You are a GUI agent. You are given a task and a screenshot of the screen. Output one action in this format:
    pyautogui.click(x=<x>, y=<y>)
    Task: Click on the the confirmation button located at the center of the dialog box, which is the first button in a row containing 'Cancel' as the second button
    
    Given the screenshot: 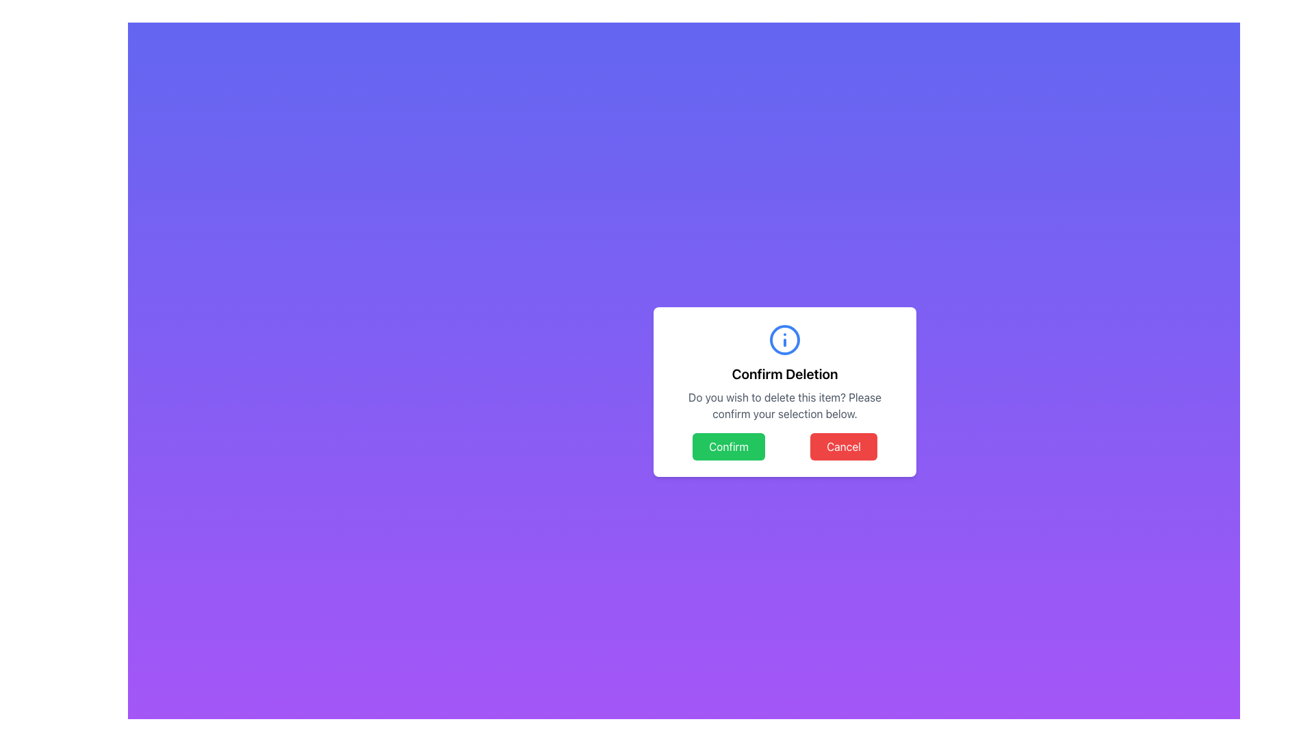 What is the action you would take?
    pyautogui.click(x=728, y=446)
    